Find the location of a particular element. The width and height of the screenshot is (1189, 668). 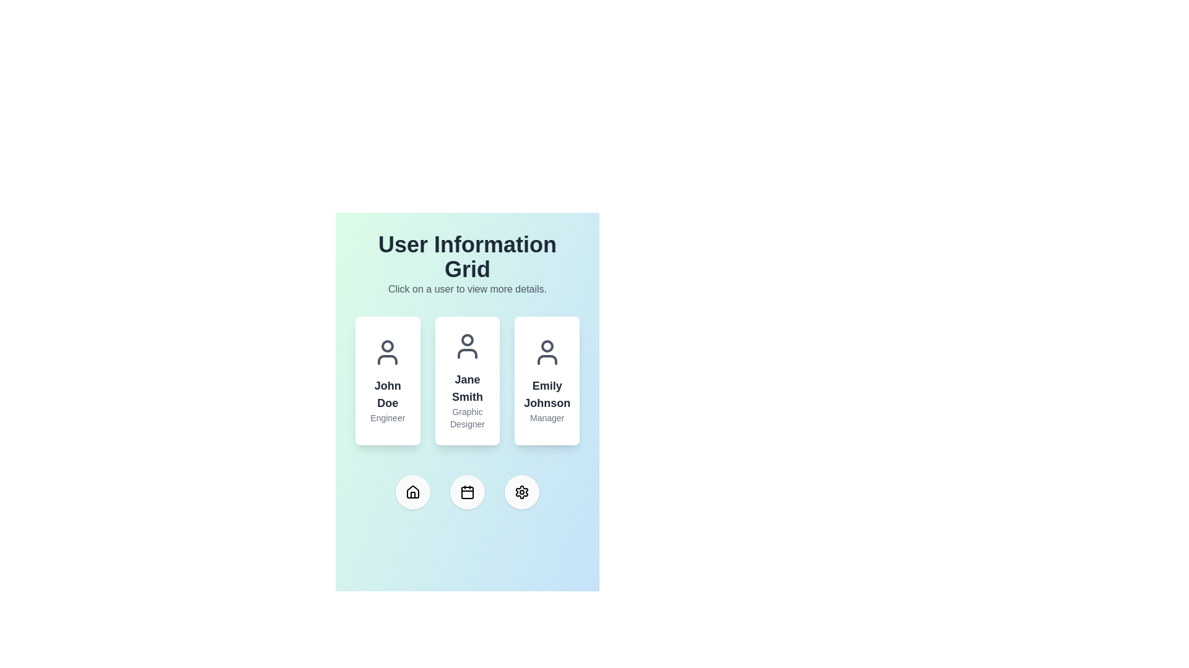

the SVG Circle element that represents the user profile icon within the user card, located at the center of the circular head portion of the icon is located at coordinates (466, 340).